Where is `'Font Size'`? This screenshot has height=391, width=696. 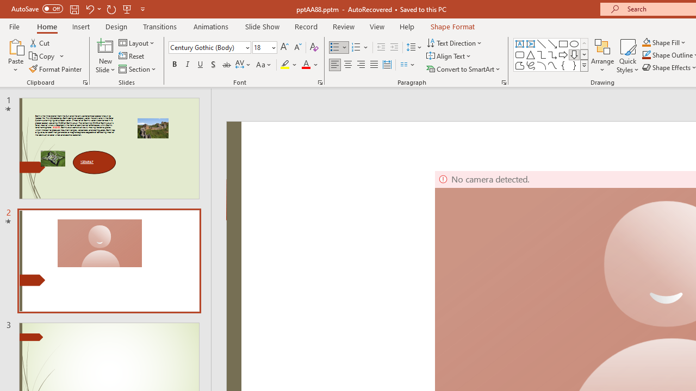
'Font Size' is located at coordinates (264, 47).